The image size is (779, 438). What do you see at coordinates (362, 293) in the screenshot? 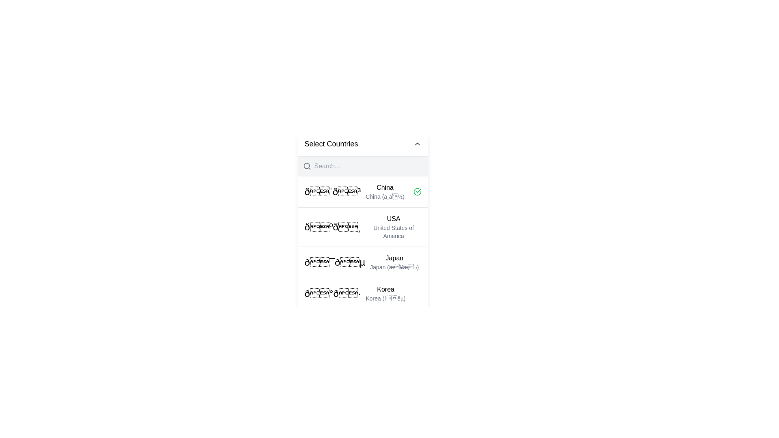
I see `the selectable list item for 'Korea'` at bounding box center [362, 293].